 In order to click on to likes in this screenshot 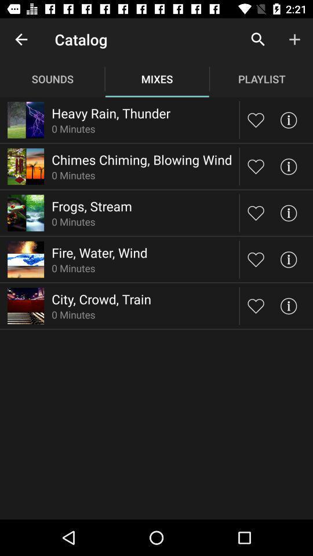, I will do `click(256, 120)`.